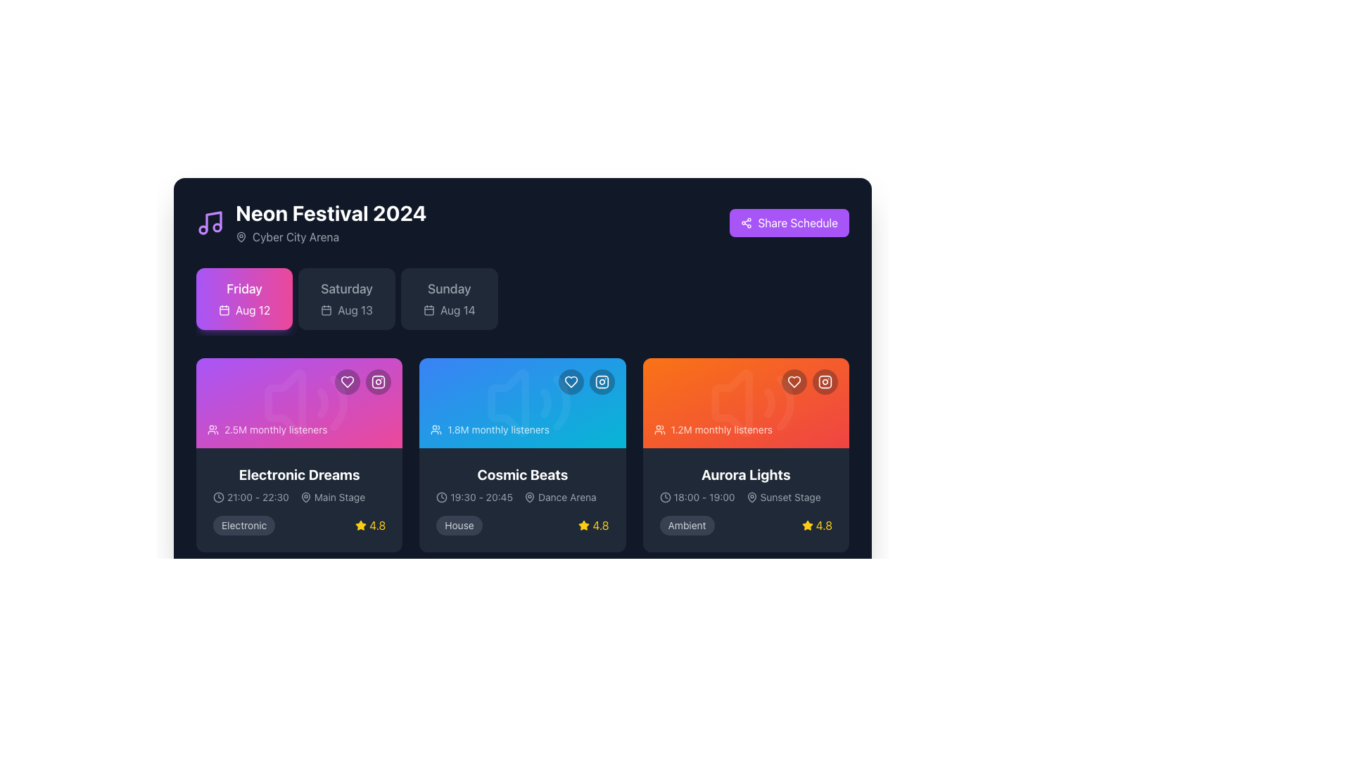 This screenshot has width=1351, height=760. I want to click on the star-shaped yellow icon indicating a rating of 4.8 for the event 'Electronic Dreams' in the 'Neon Festival 2024' interface, so click(584, 526).